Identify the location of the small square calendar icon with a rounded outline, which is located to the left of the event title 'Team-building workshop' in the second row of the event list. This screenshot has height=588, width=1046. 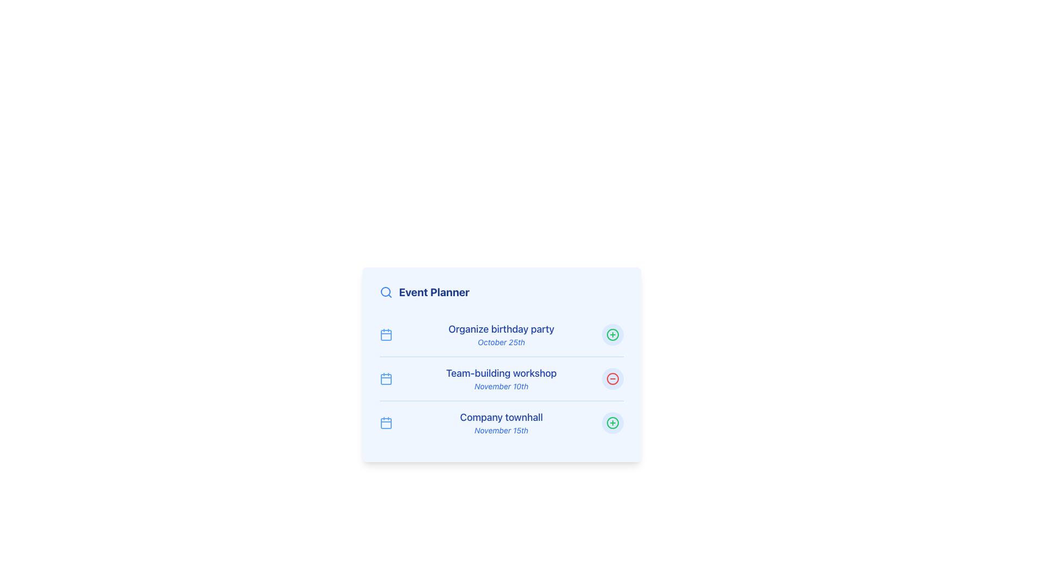
(386, 379).